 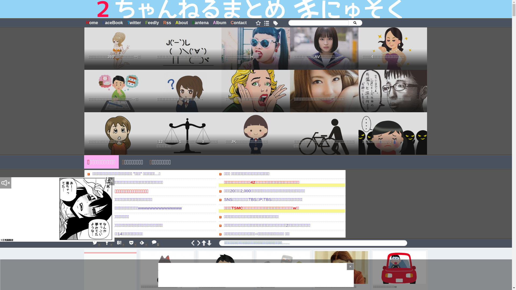 I want to click on 'FaceBook', so click(x=112, y=22).